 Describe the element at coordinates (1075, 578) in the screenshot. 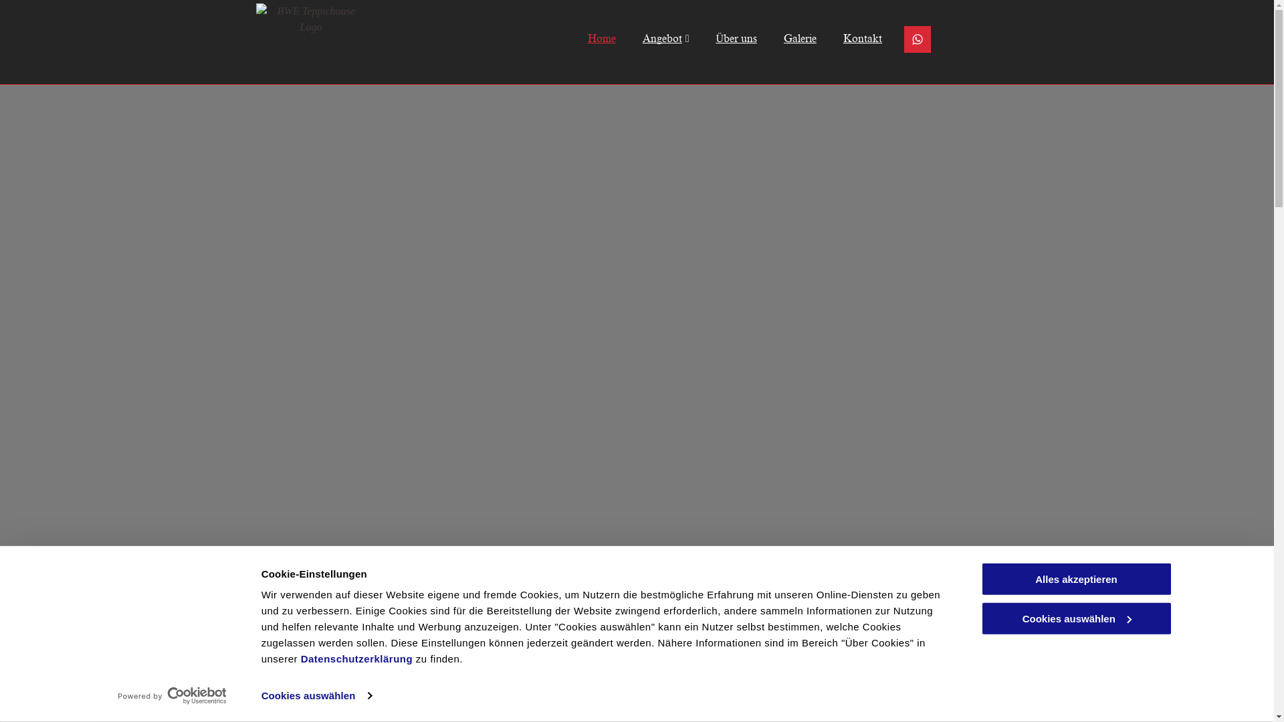

I see `'Alles akzeptieren'` at that location.